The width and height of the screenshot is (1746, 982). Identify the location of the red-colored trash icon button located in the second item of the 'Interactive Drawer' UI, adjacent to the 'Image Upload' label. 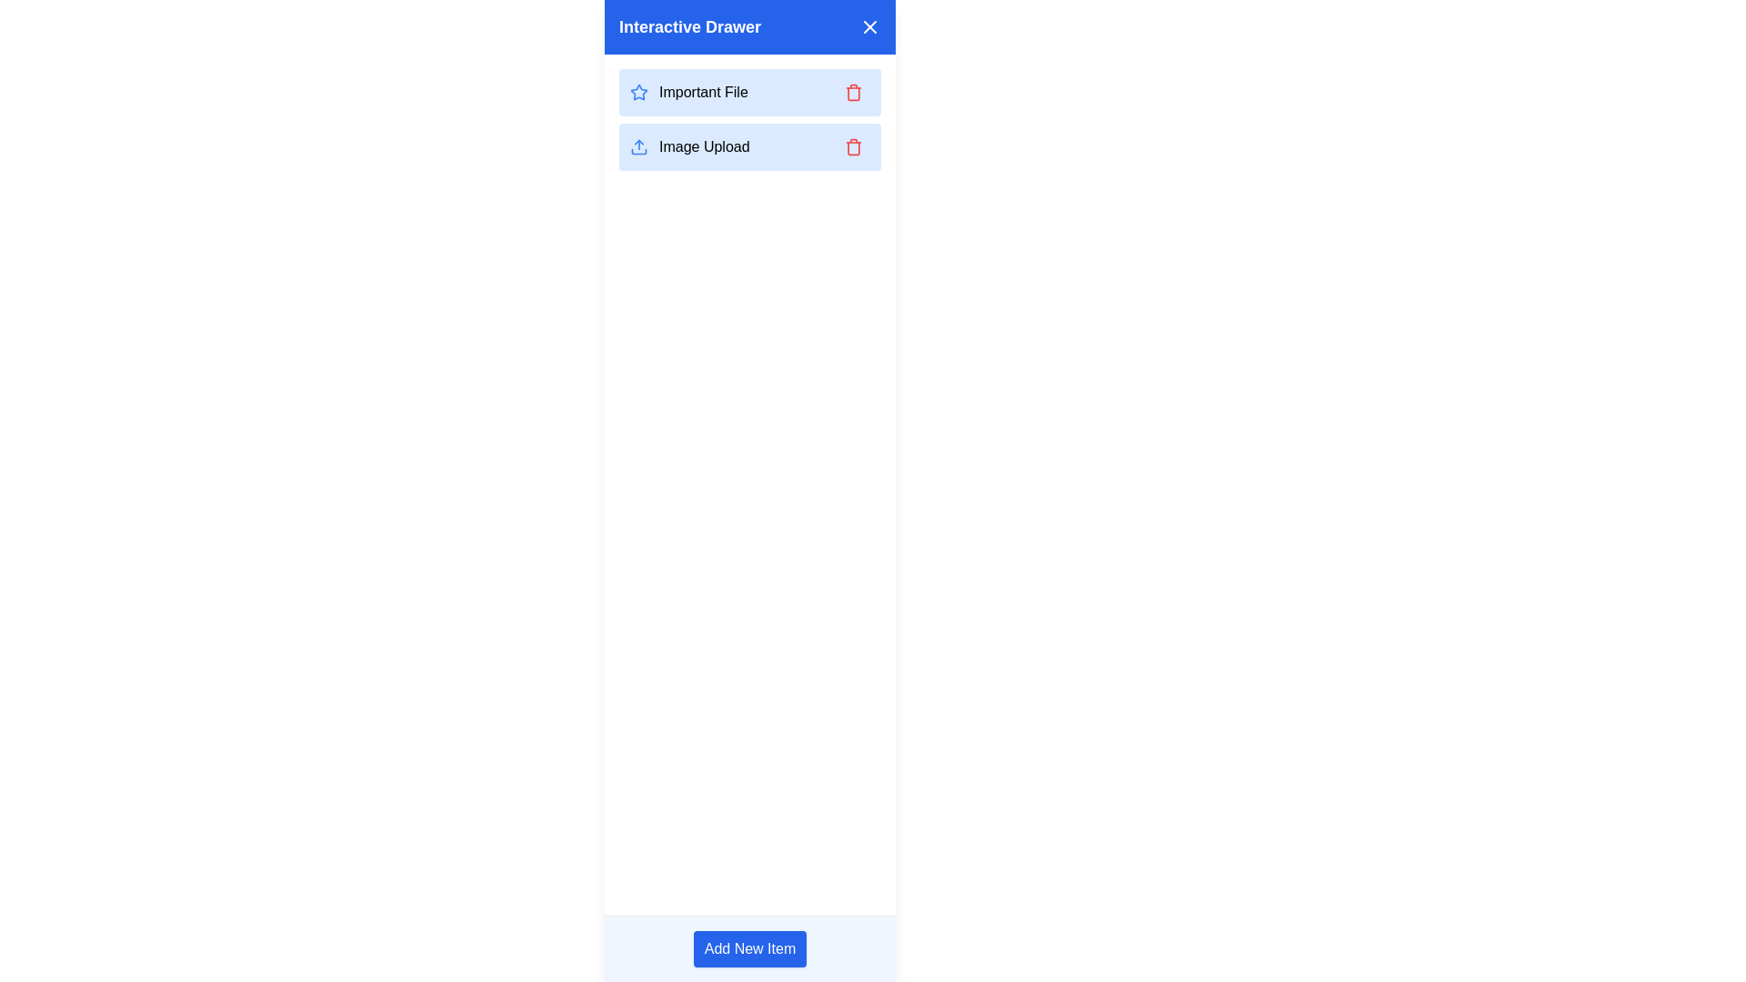
(853, 146).